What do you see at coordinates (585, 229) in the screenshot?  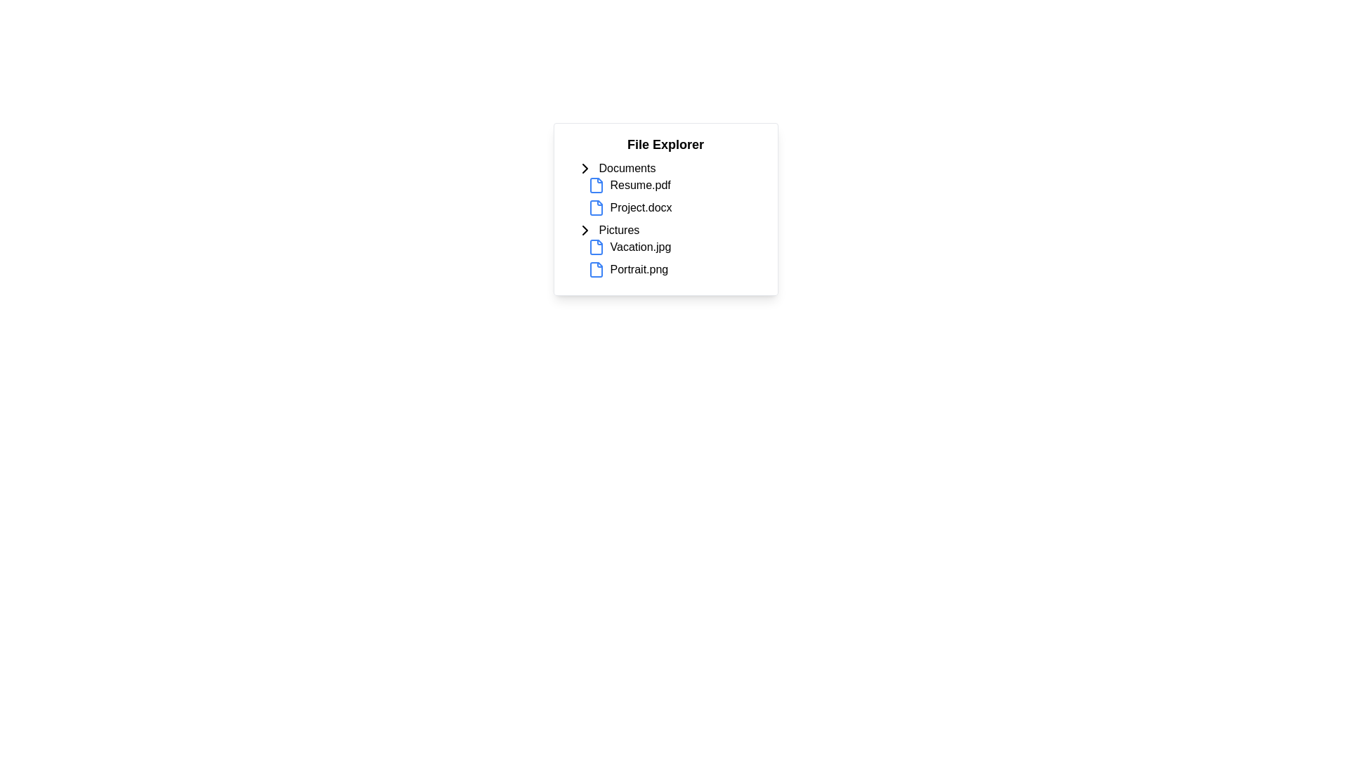 I see `the icon` at bounding box center [585, 229].